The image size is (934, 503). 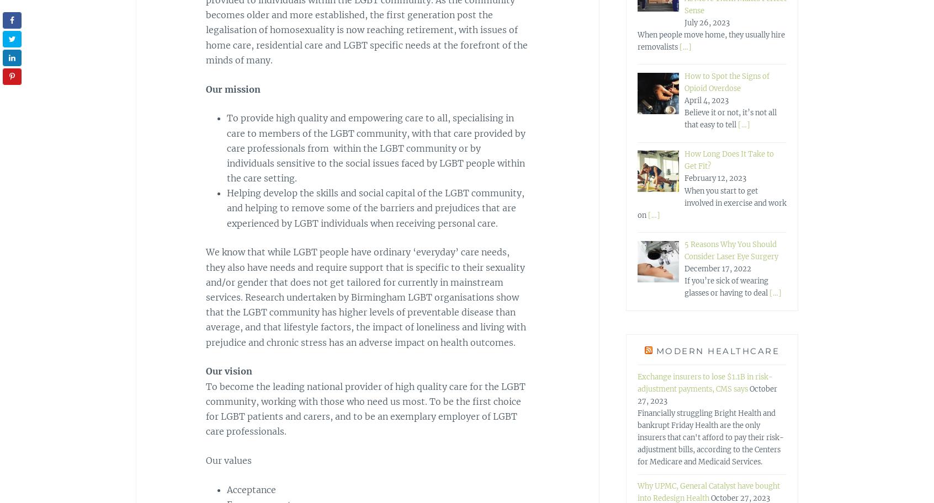 What do you see at coordinates (711, 202) in the screenshot?
I see `'When you start to get involved in exercise and work on'` at bounding box center [711, 202].